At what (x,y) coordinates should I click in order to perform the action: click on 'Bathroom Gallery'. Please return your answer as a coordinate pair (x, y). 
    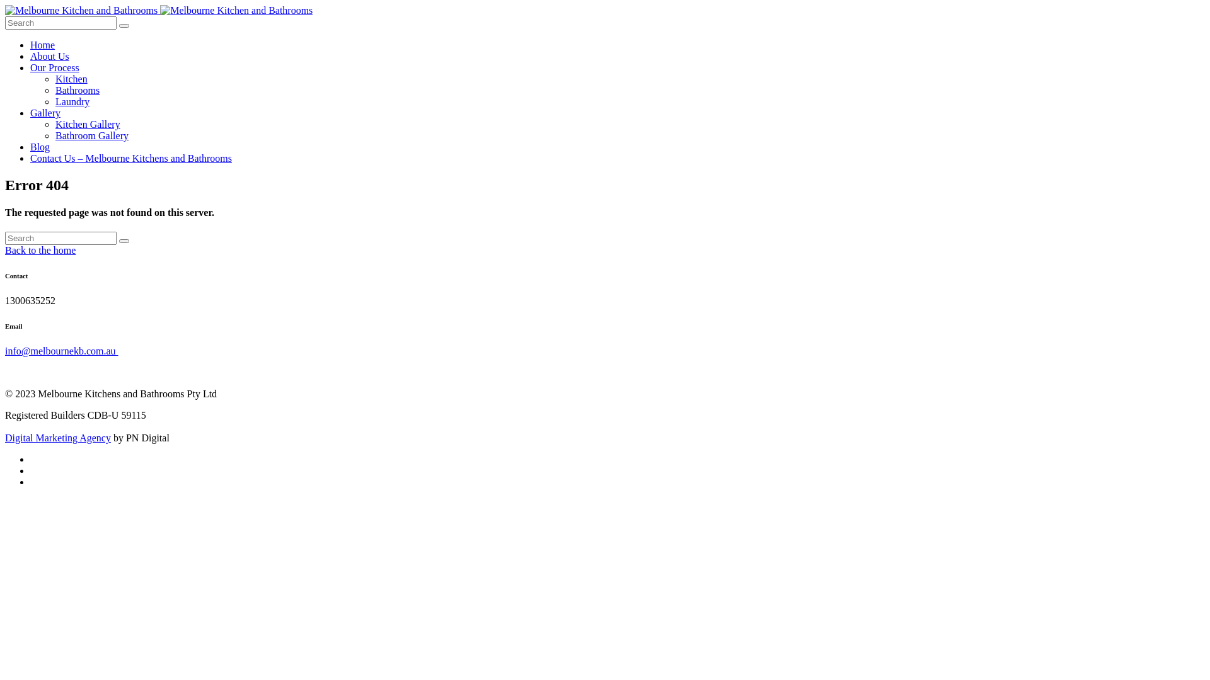
    Looking at the image, I should click on (91, 135).